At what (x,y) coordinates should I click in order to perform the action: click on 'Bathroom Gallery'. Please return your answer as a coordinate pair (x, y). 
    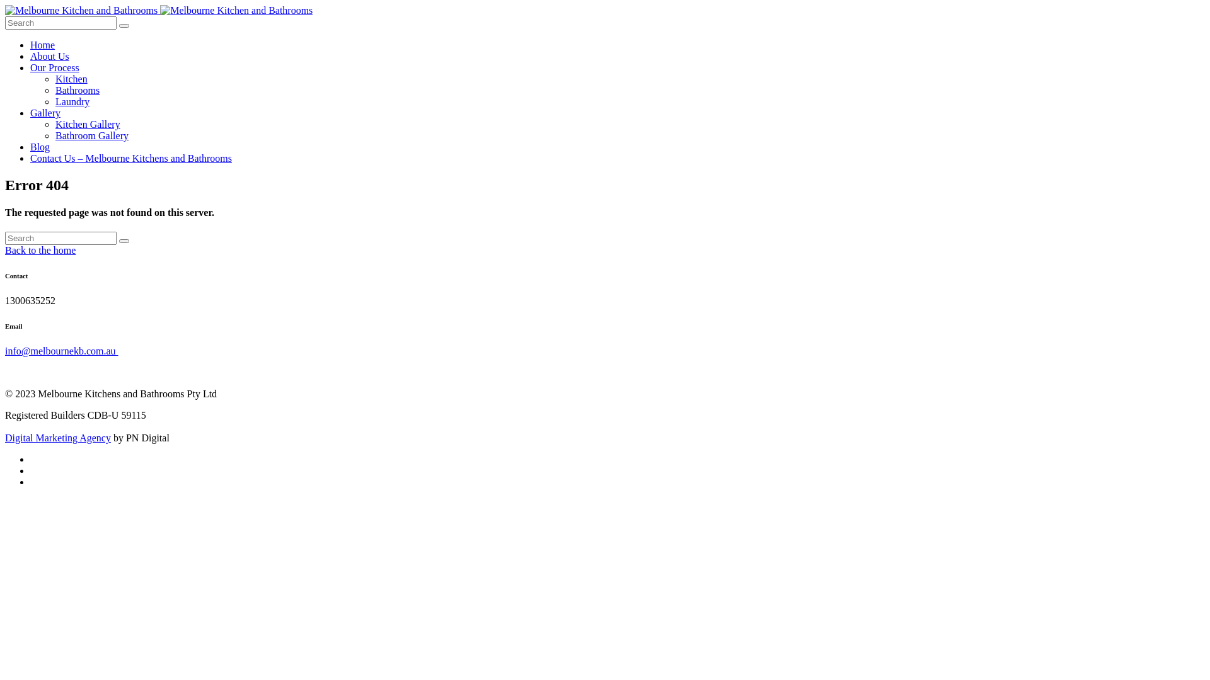
    Looking at the image, I should click on (91, 135).